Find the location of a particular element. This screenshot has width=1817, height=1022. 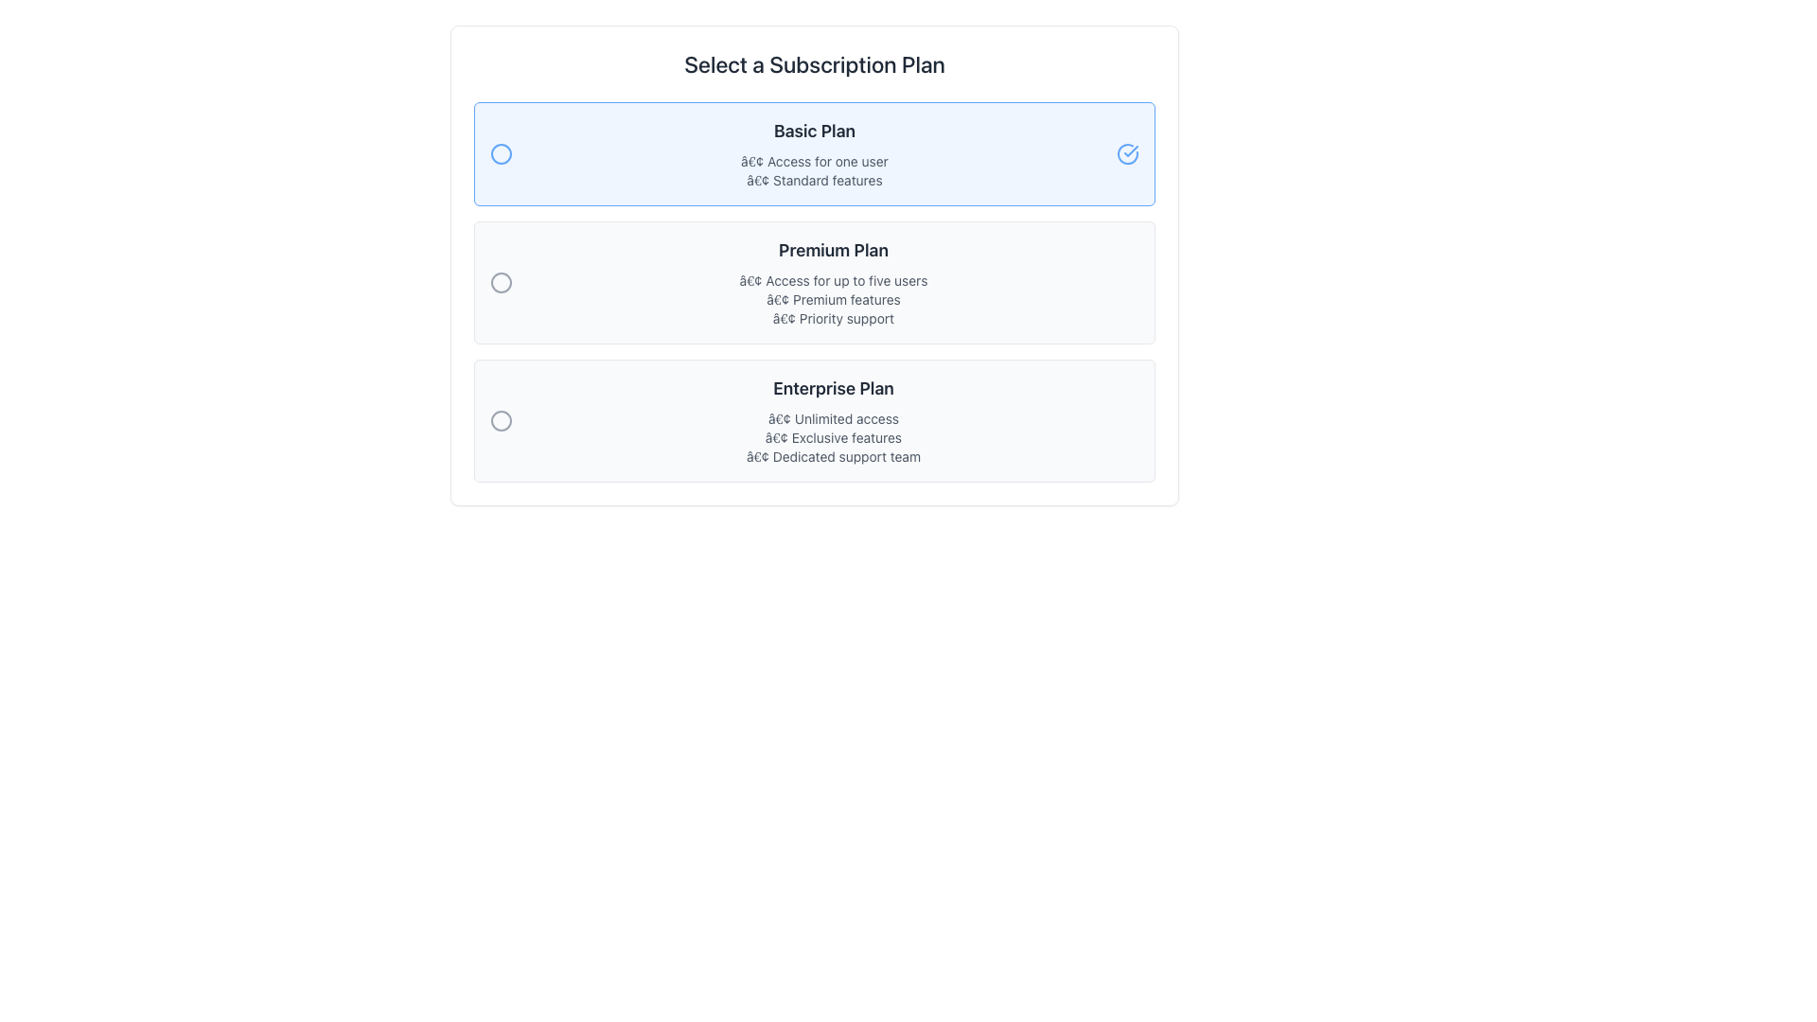

the static text element that describes the features of the 'Premium Plan', located below '• Access for up to five users' and above '• Priority support' is located at coordinates (833, 298).